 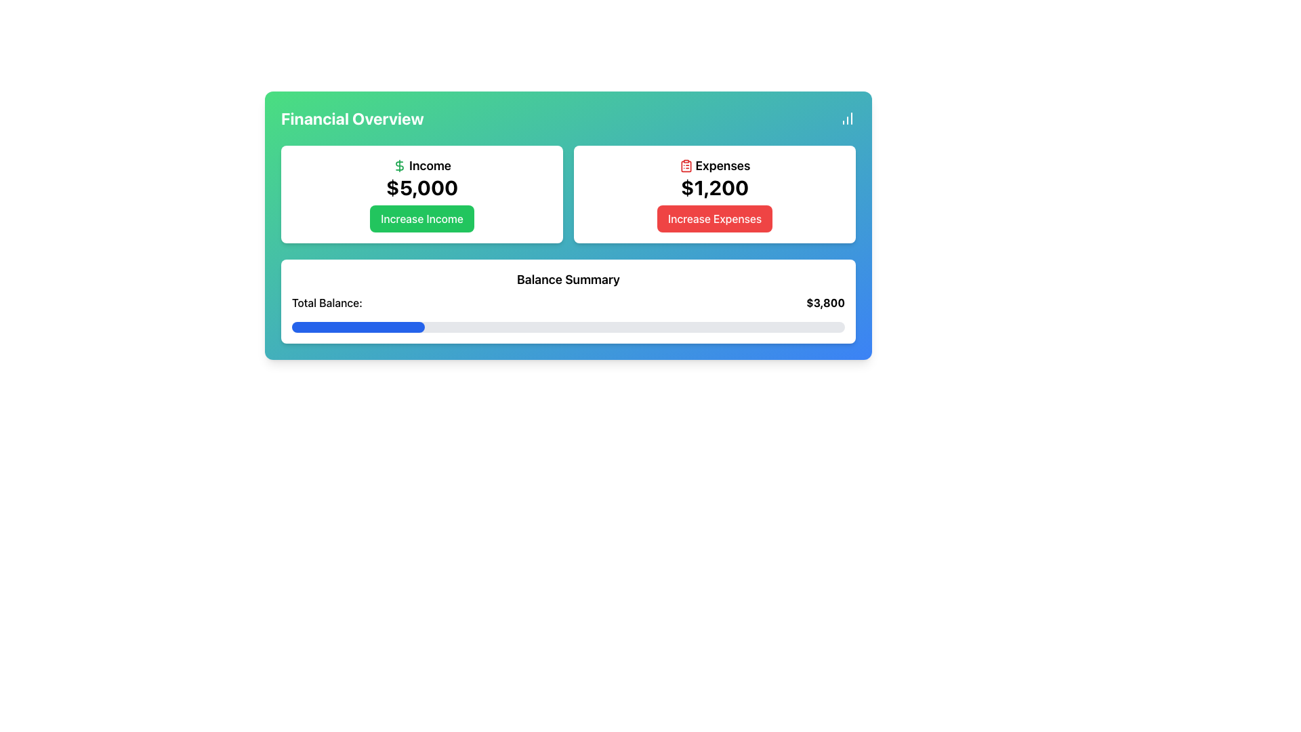 I want to click on the 'Balance Summary' informational card that displays total balance information and features a progress bar at the bottom, so click(x=569, y=300).